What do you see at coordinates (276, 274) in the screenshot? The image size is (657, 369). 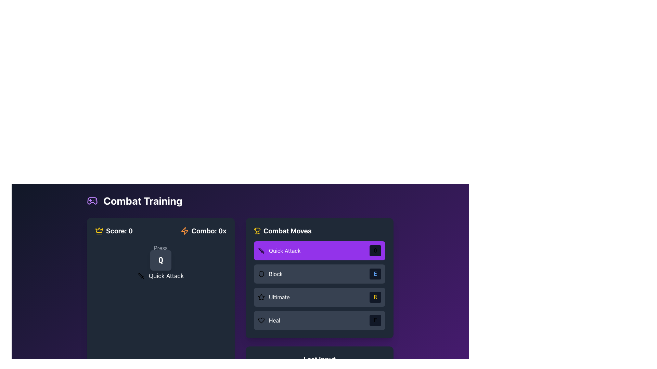 I see `the text label indicating the combat action 'Block'` at bounding box center [276, 274].